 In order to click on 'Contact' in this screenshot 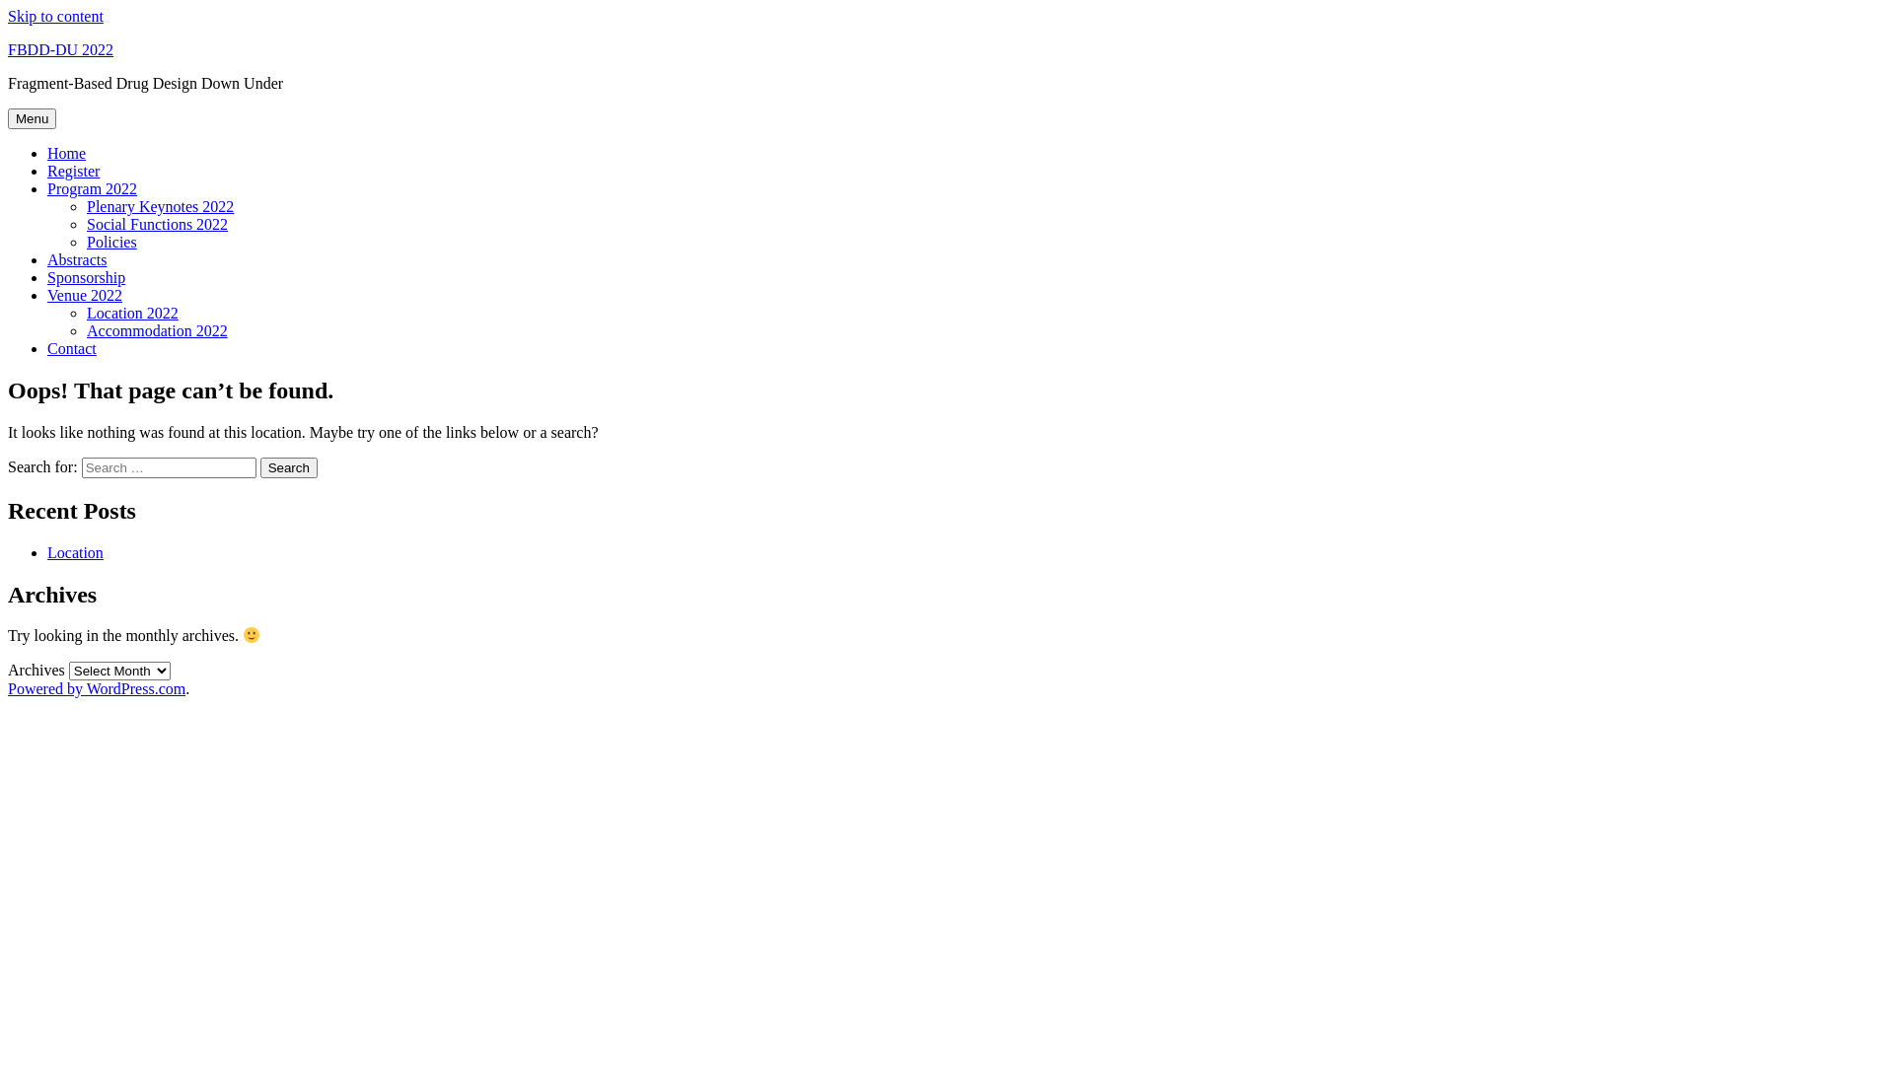, I will do `click(47, 347)`.